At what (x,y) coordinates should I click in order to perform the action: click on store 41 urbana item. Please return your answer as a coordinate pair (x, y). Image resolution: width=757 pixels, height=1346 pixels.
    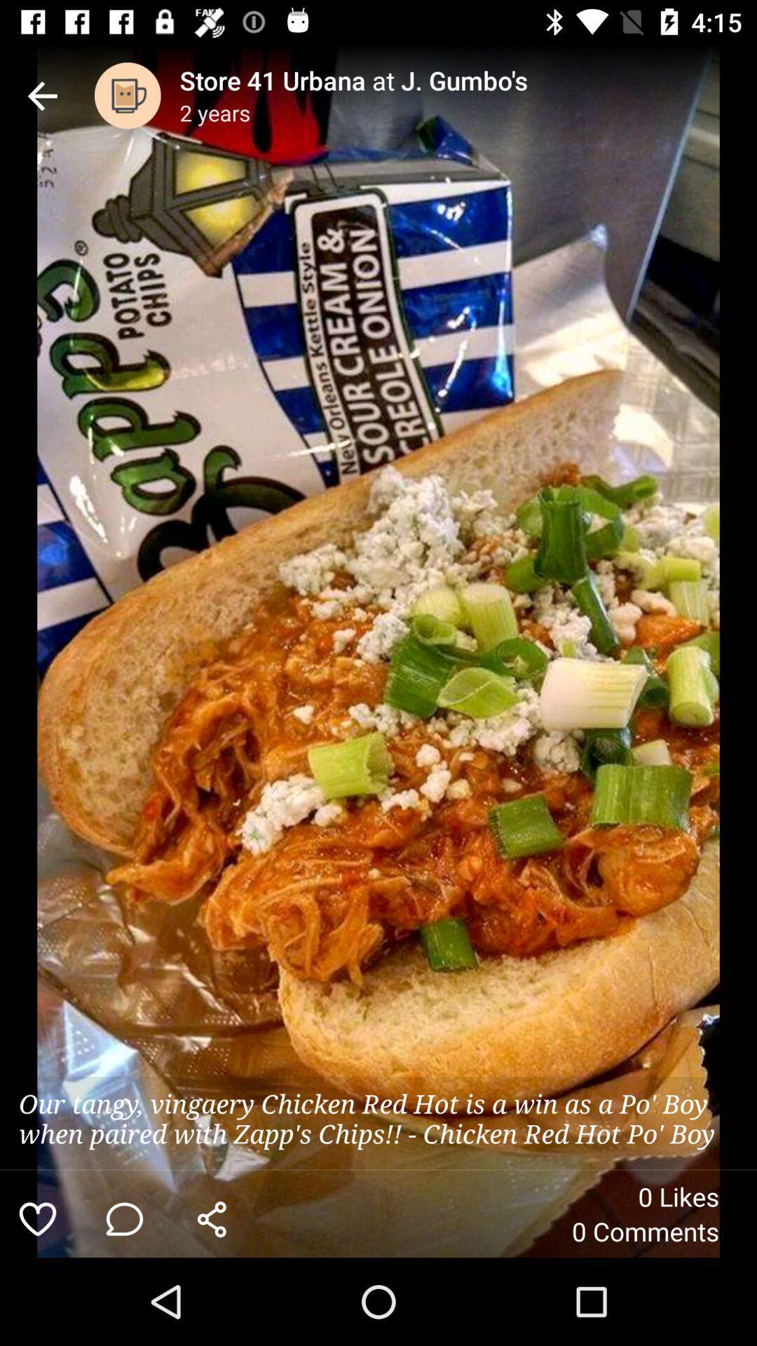
    Looking at the image, I should click on (468, 79).